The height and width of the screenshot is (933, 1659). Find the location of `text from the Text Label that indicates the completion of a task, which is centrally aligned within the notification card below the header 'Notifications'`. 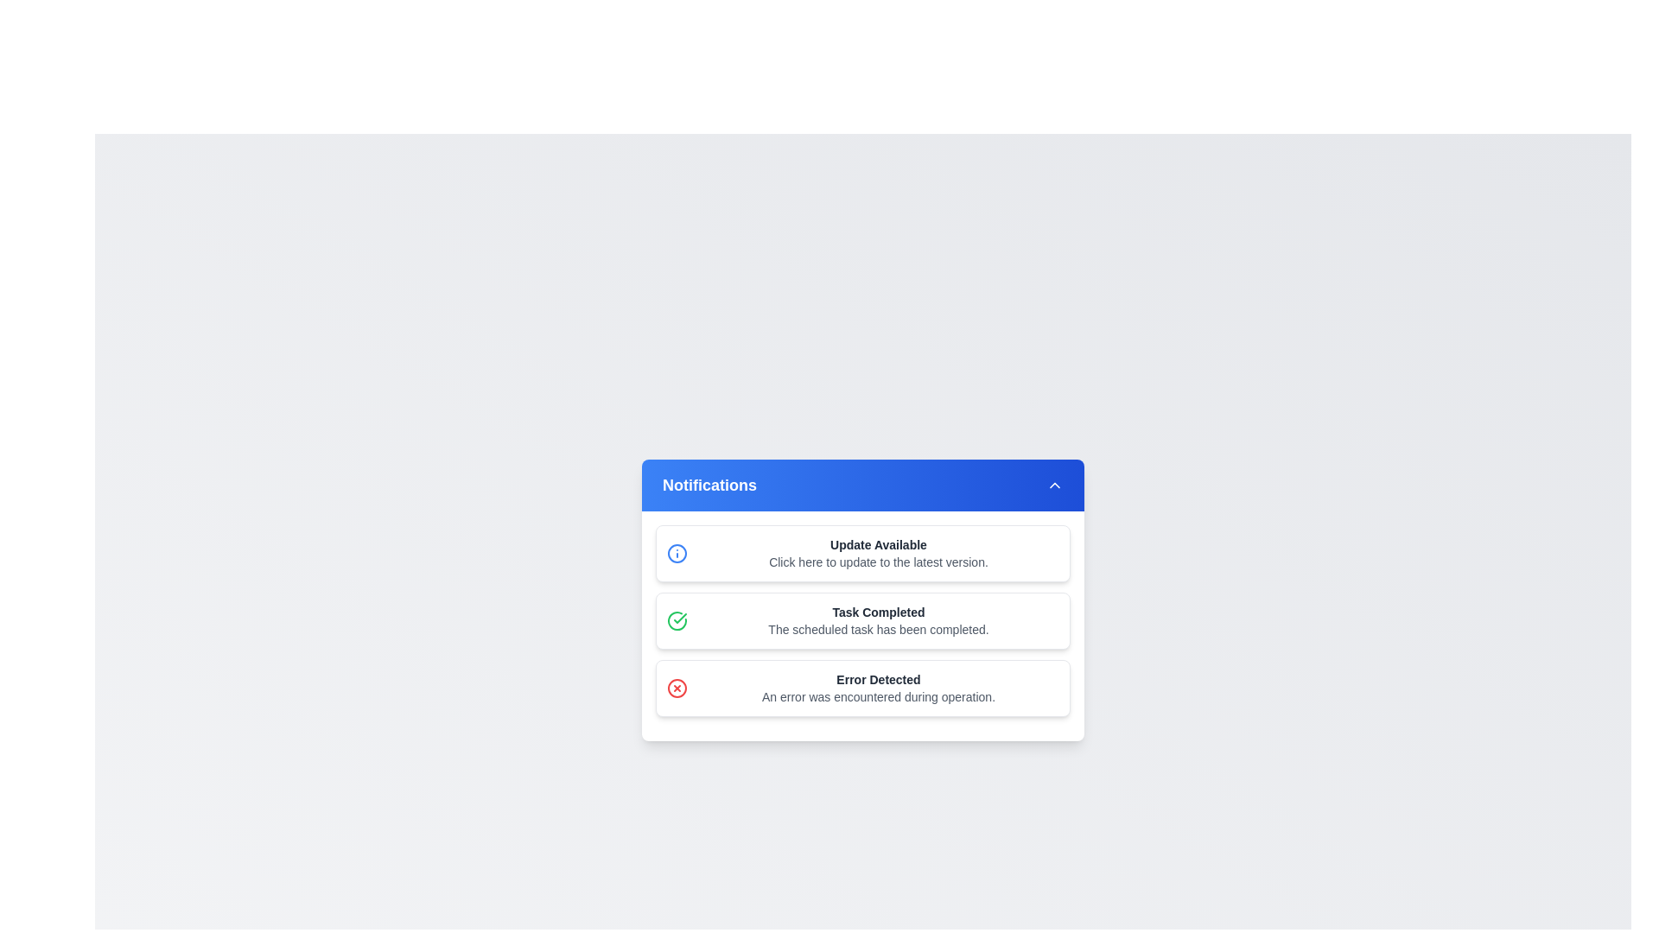

text from the Text Label that indicates the completion of a task, which is centrally aligned within the notification card below the header 'Notifications' is located at coordinates (879, 612).